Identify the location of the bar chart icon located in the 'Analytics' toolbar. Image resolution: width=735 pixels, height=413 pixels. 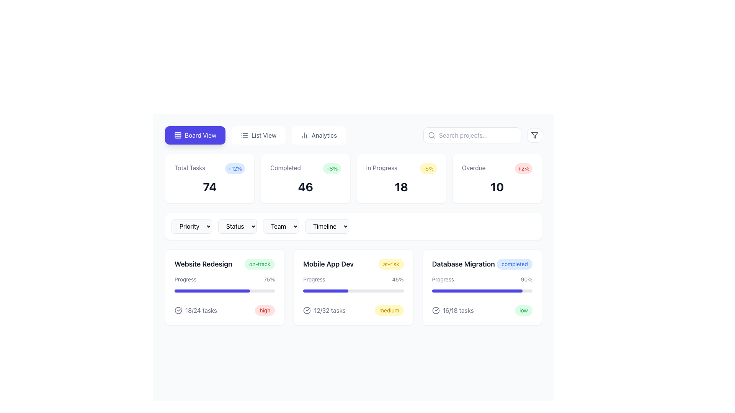
(304, 135).